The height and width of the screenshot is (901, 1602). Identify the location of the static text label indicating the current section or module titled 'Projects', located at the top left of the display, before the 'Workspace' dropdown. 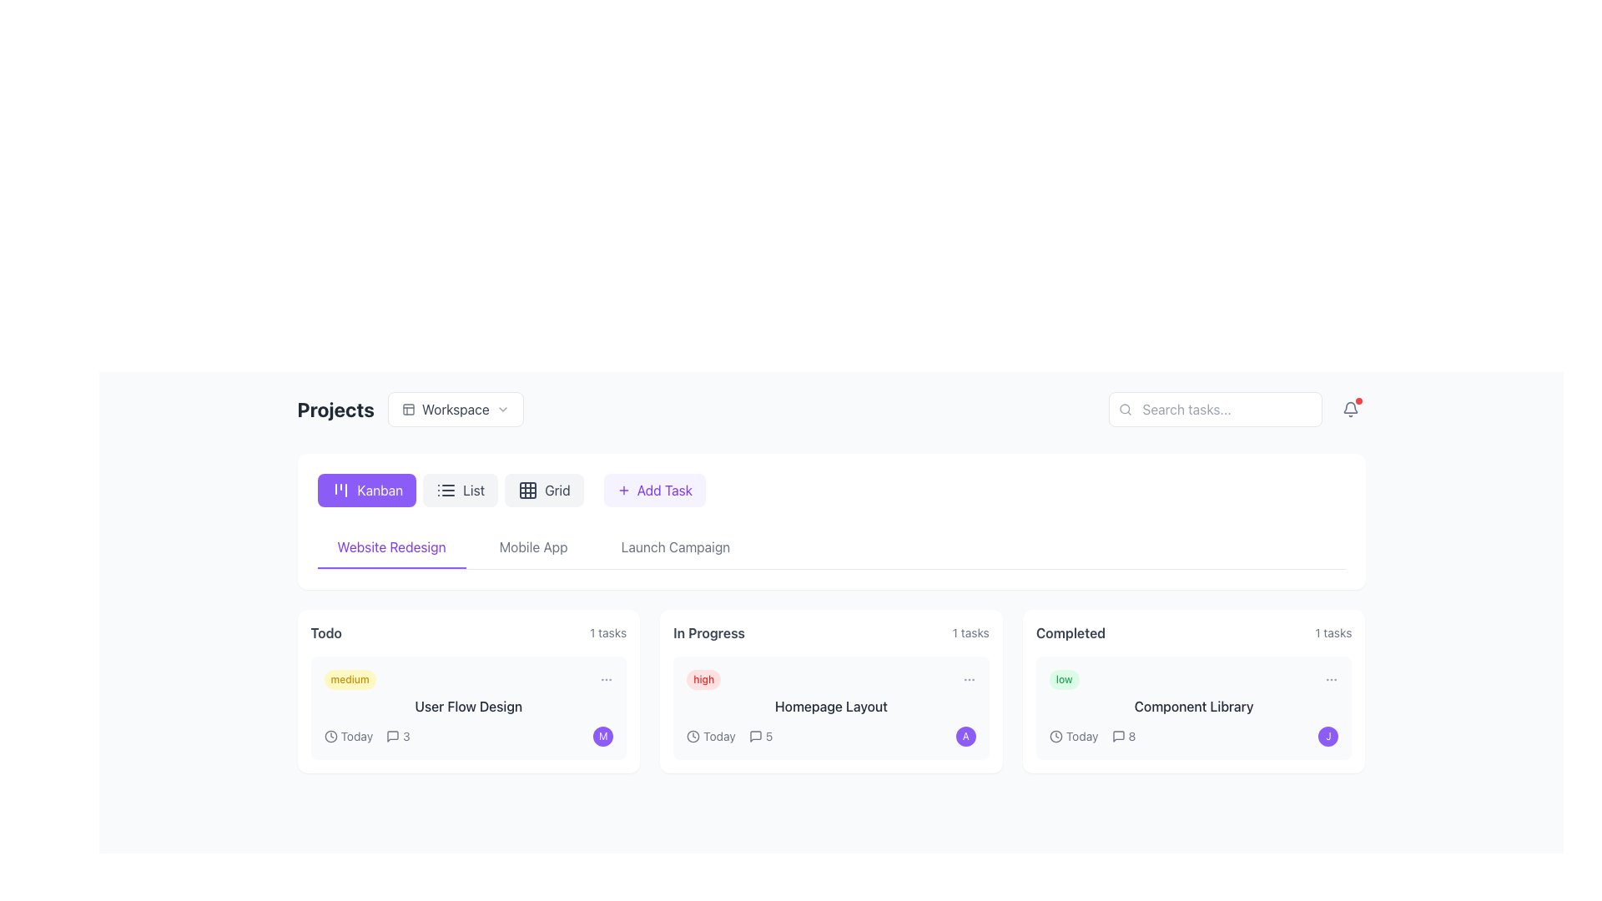
(335, 409).